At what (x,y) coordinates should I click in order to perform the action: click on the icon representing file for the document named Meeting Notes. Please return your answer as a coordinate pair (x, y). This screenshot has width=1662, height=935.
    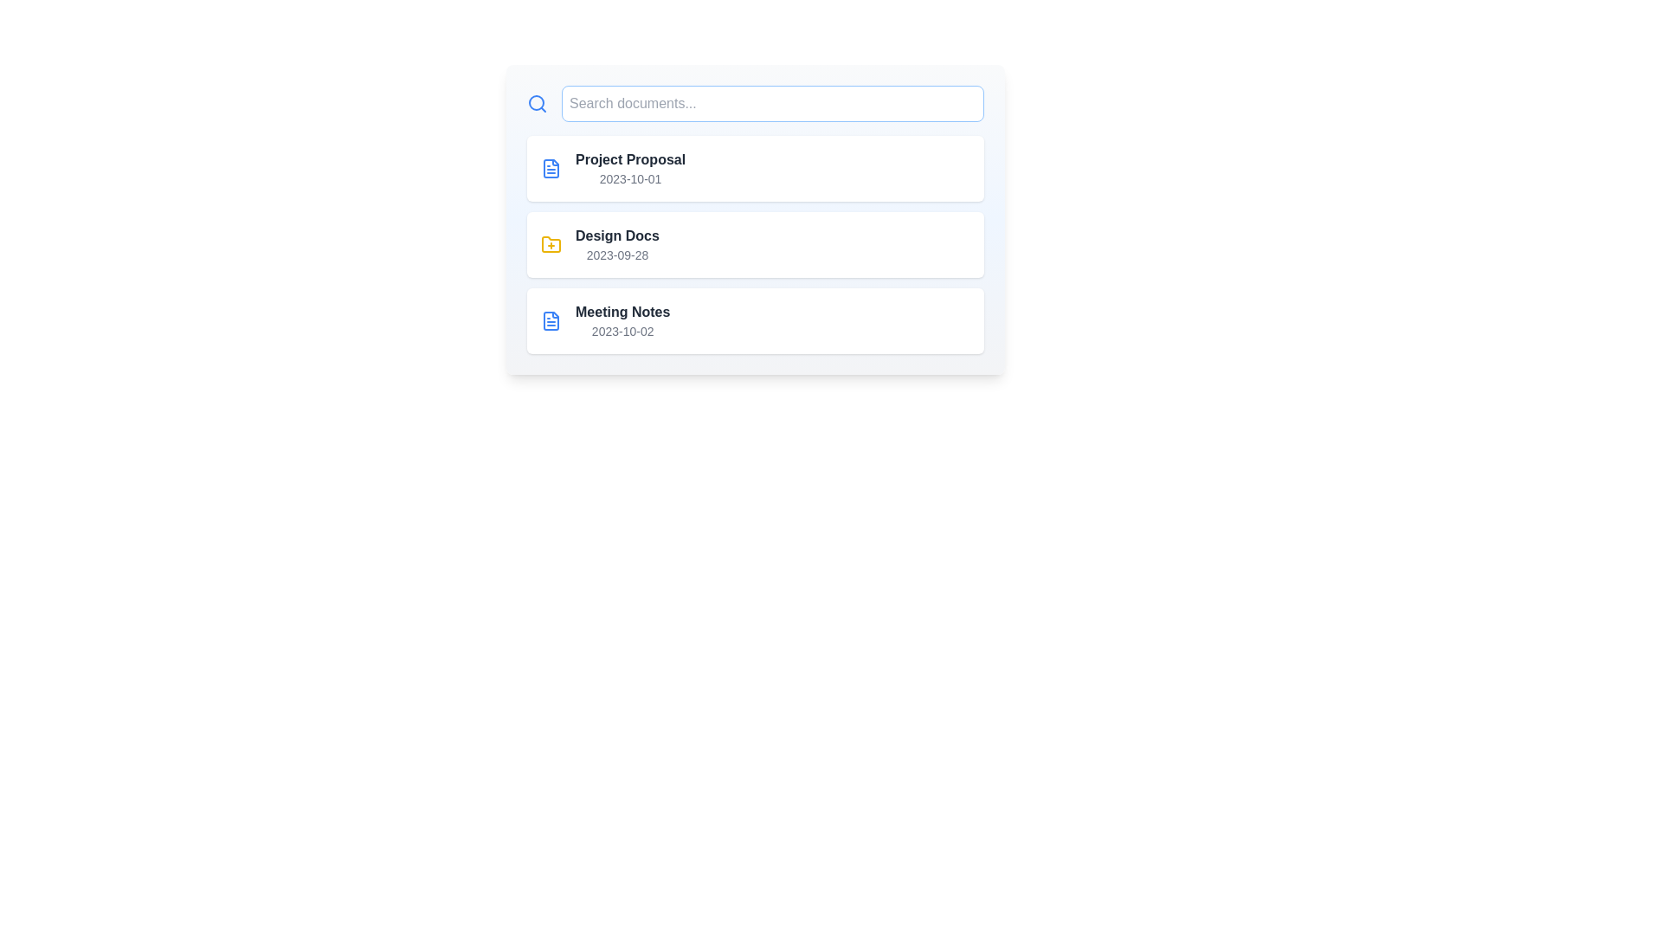
    Looking at the image, I should click on (551, 320).